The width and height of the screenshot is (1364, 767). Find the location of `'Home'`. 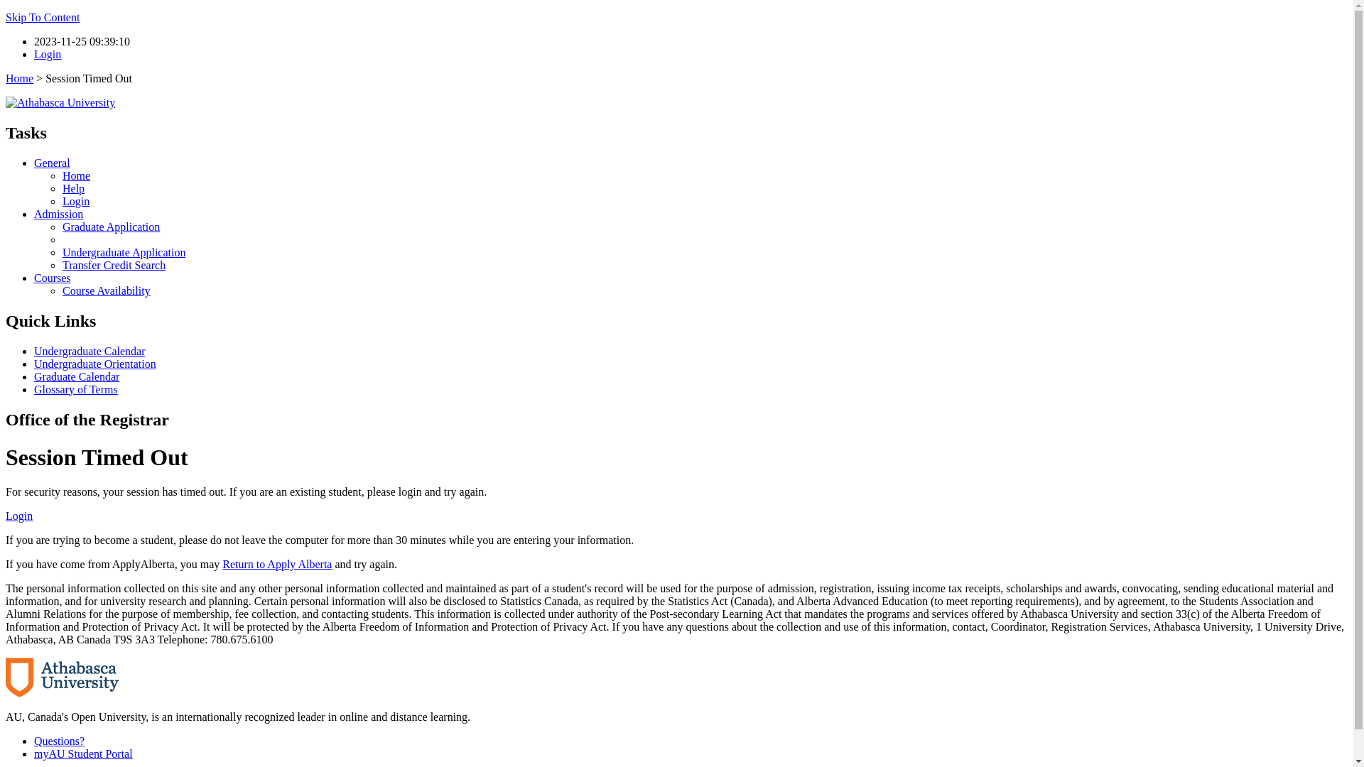

'Home' is located at coordinates (75, 175).